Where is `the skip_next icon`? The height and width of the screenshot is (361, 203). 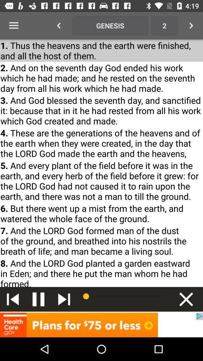 the skip_next icon is located at coordinates (64, 299).